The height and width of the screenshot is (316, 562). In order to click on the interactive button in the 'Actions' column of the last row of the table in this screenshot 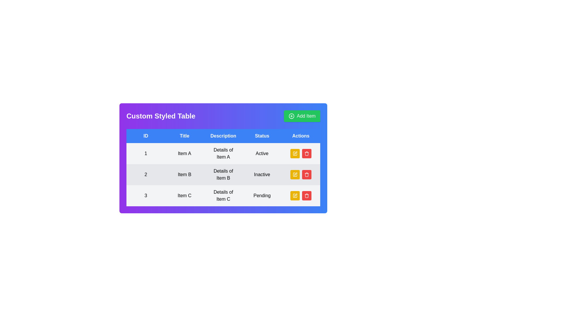, I will do `click(295, 195)`.